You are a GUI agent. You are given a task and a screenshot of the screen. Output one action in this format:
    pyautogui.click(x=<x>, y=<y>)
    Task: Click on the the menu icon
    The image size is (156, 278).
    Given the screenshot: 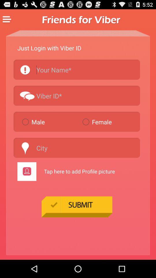 What is the action you would take?
    pyautogui.click(x=7, y=21)
    